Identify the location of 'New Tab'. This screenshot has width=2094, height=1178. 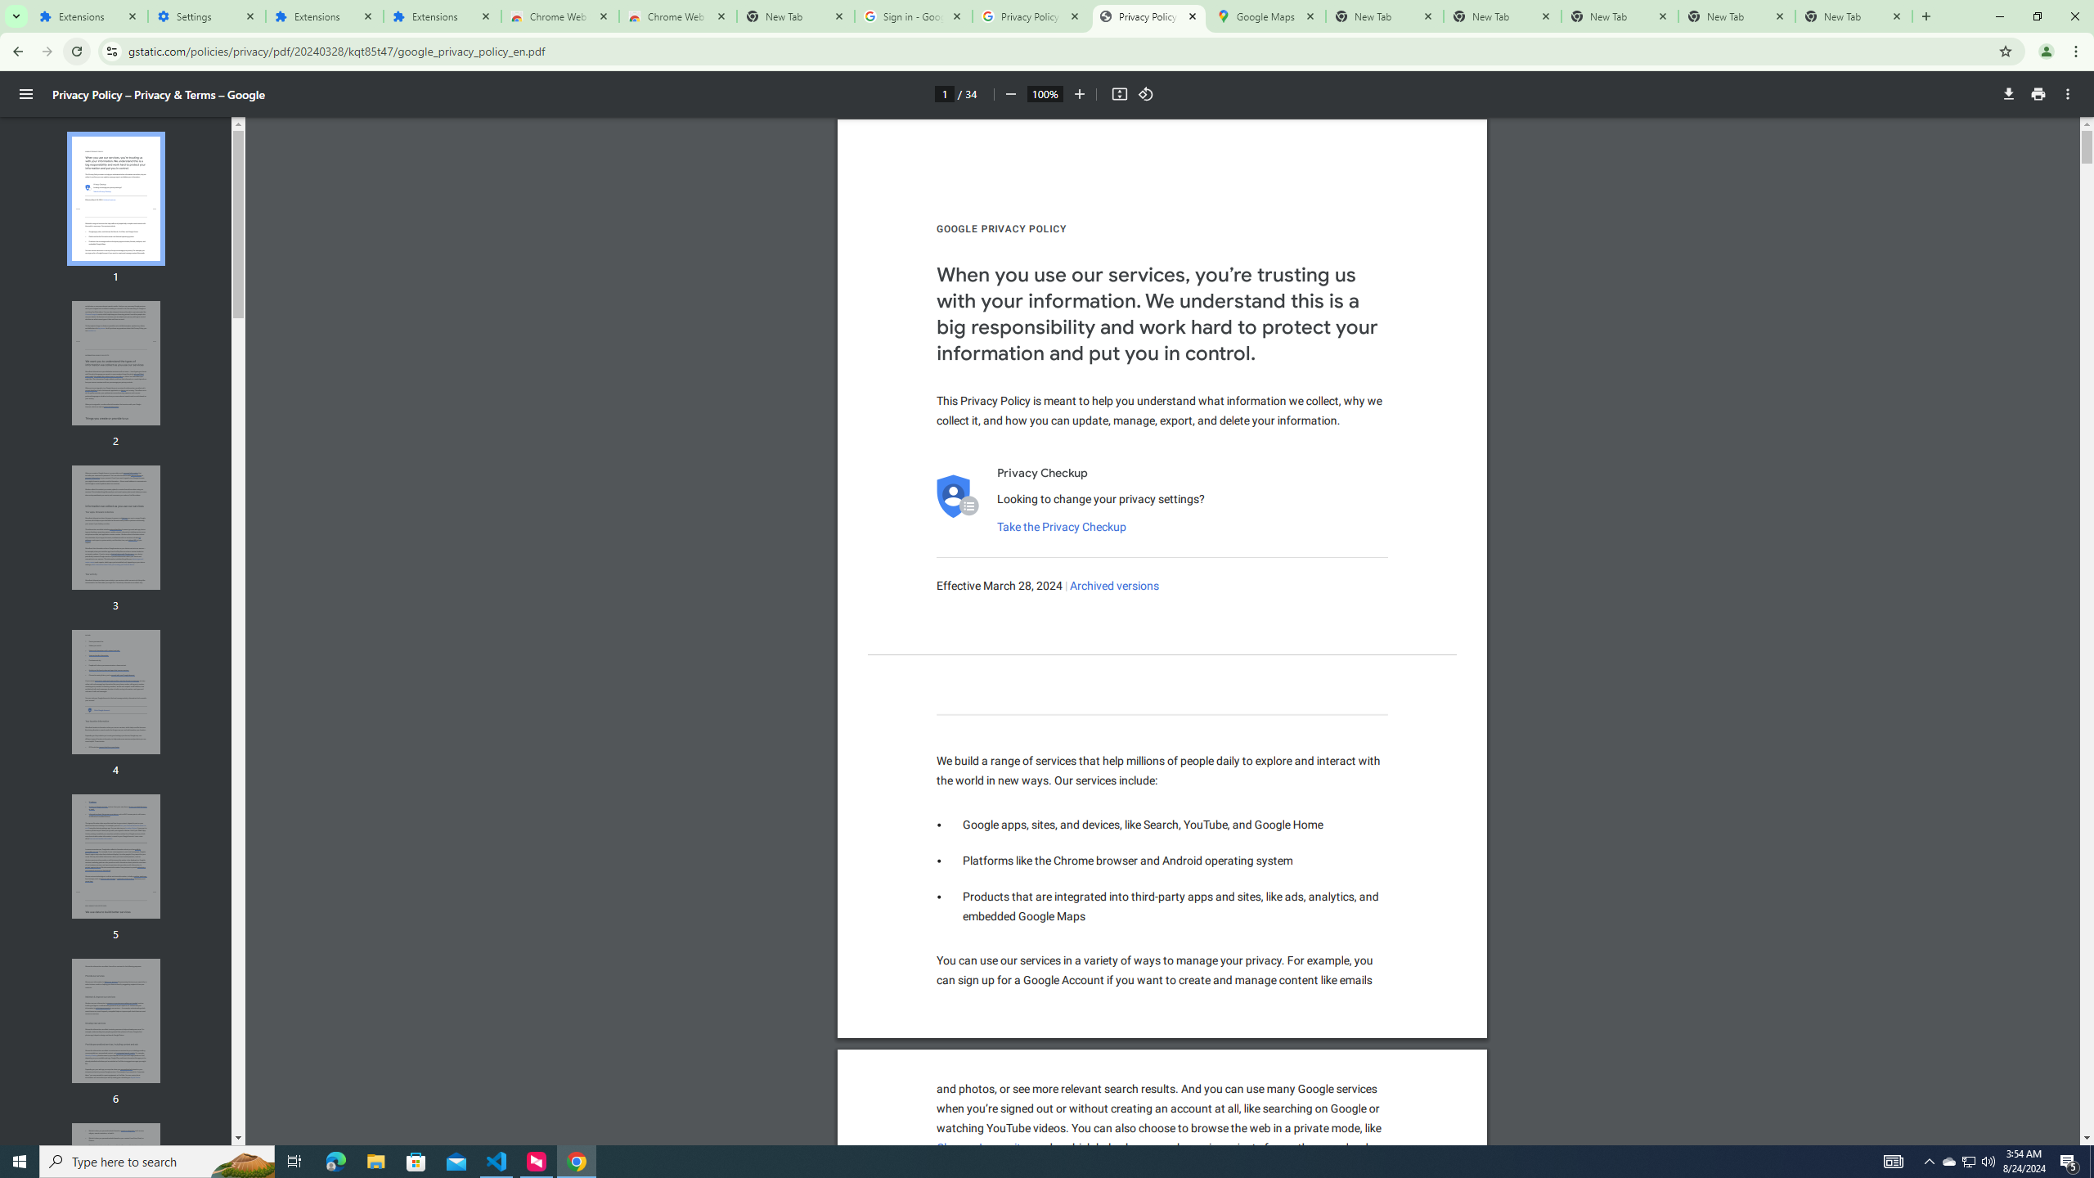
(1854, 16).